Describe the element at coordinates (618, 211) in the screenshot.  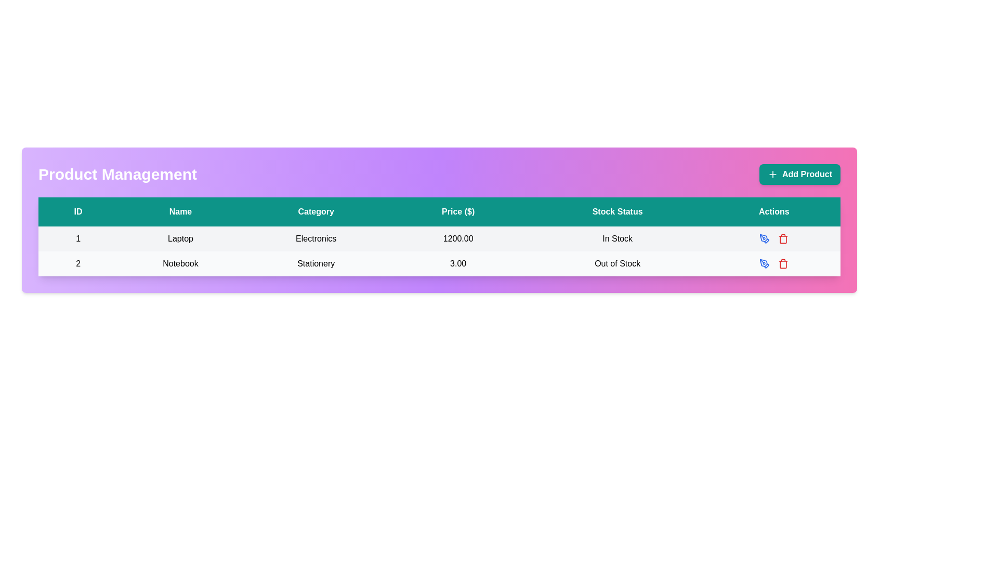
I see `the fifth column header of the table that categorizes stock statuses, positioned between 'Price ($)' and 'Actions'` at that location.